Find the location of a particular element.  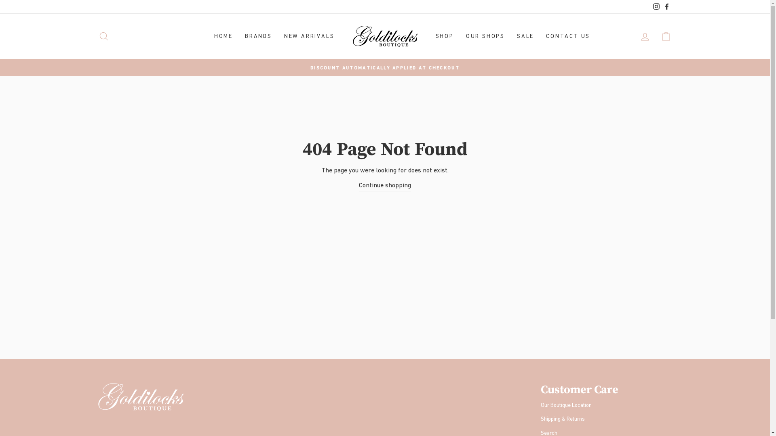

'Skip to content' is located at coordinates (0, 0).